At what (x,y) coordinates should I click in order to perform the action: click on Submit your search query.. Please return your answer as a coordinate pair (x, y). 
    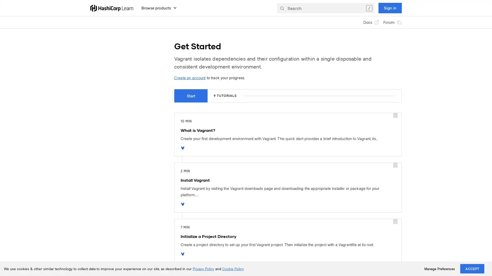
    Looking at the image, I should click on (282, 8).